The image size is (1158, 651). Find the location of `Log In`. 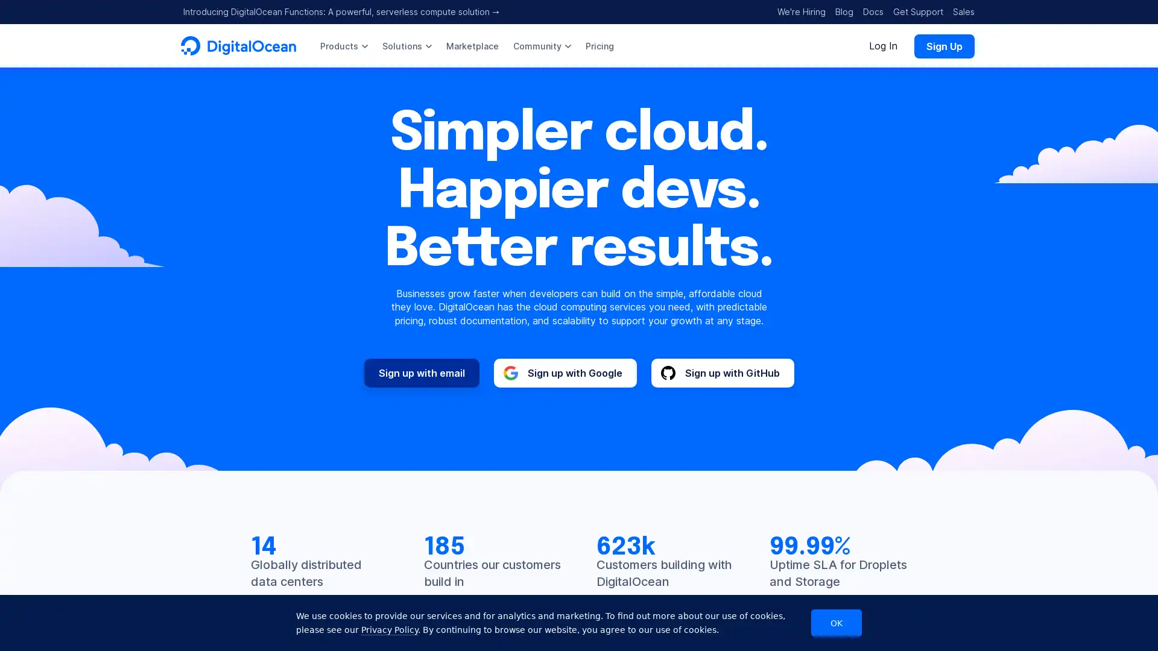

Log In is located at coordinates (883, 45).